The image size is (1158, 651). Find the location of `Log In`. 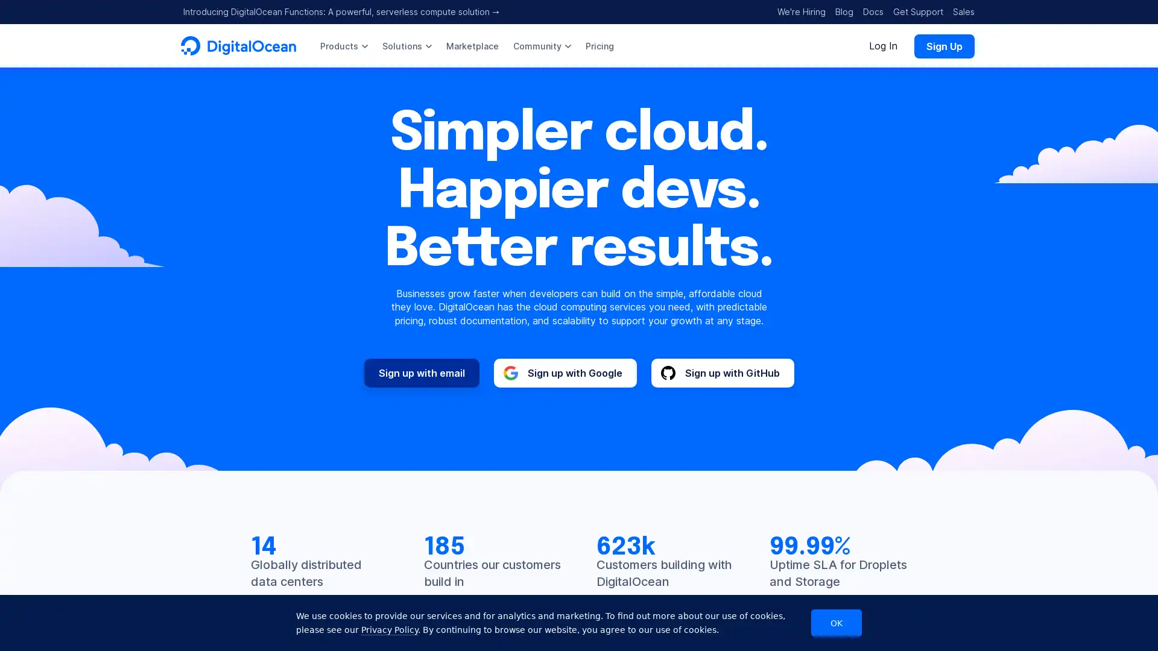

Log In is located at coordinates (883, 45).